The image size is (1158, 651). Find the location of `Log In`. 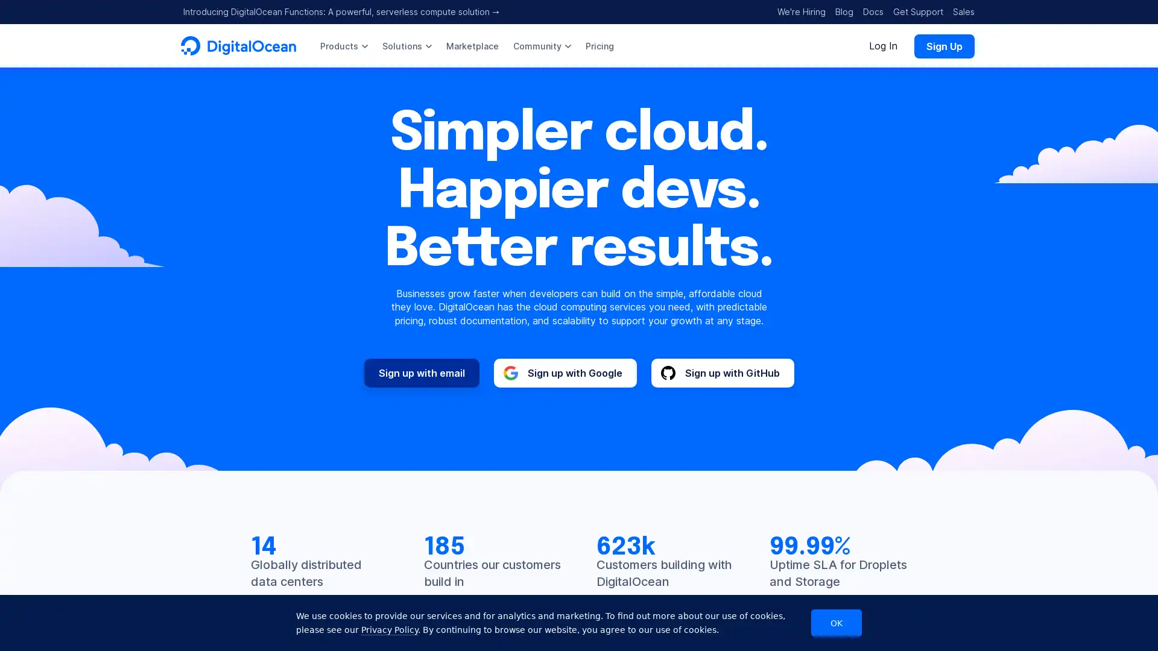

Log In is located at coordinates (883, 45).